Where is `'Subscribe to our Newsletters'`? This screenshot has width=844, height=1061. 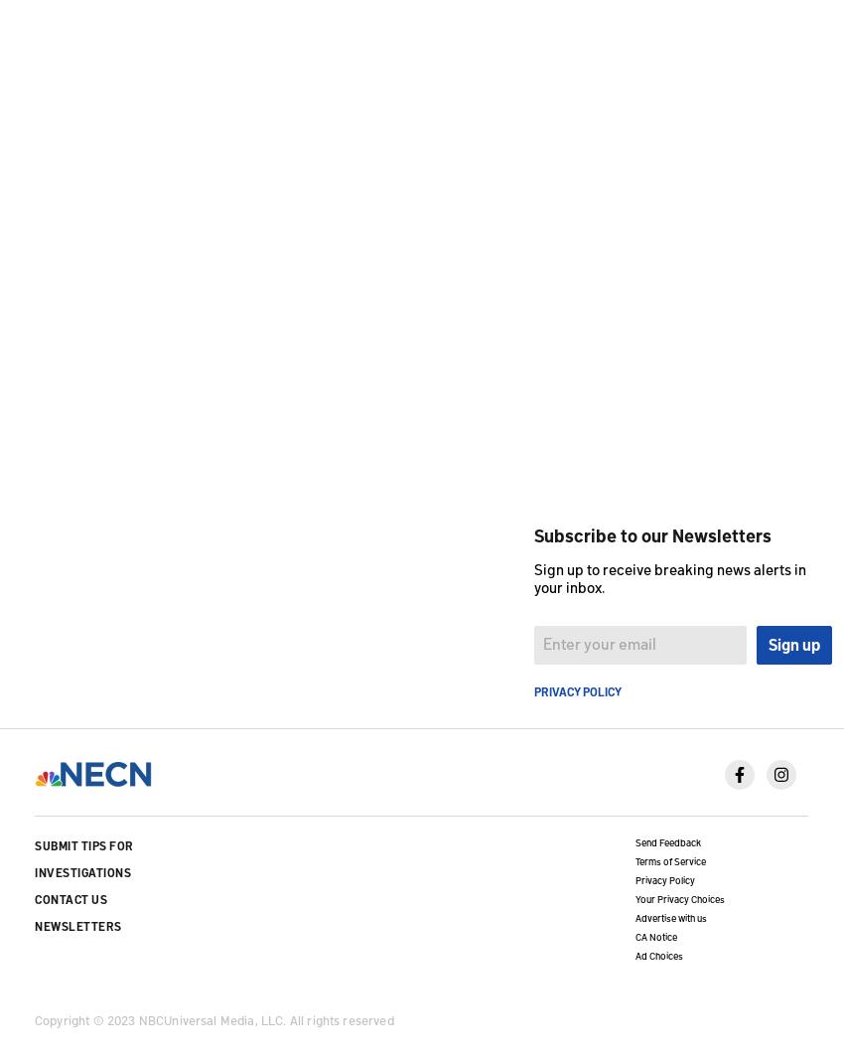
'Subscribe to our Newsletters' is located at coordinates (652, 533).